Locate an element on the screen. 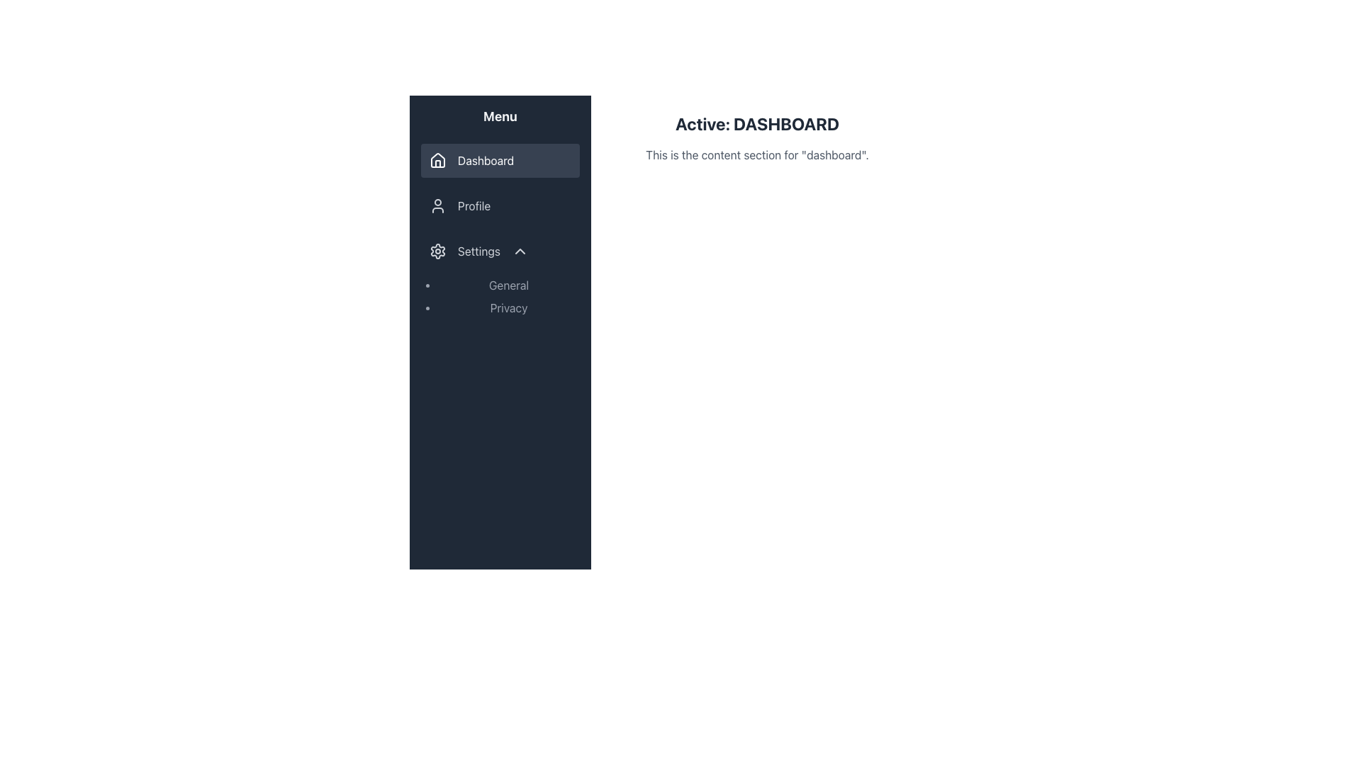 The width and height of the screenshot is (1361, 765). the 'Dashboard' menu item, which is the first item in the left-hand menu with a house icon and white font on a dark background is located at coordinates (500, 160).